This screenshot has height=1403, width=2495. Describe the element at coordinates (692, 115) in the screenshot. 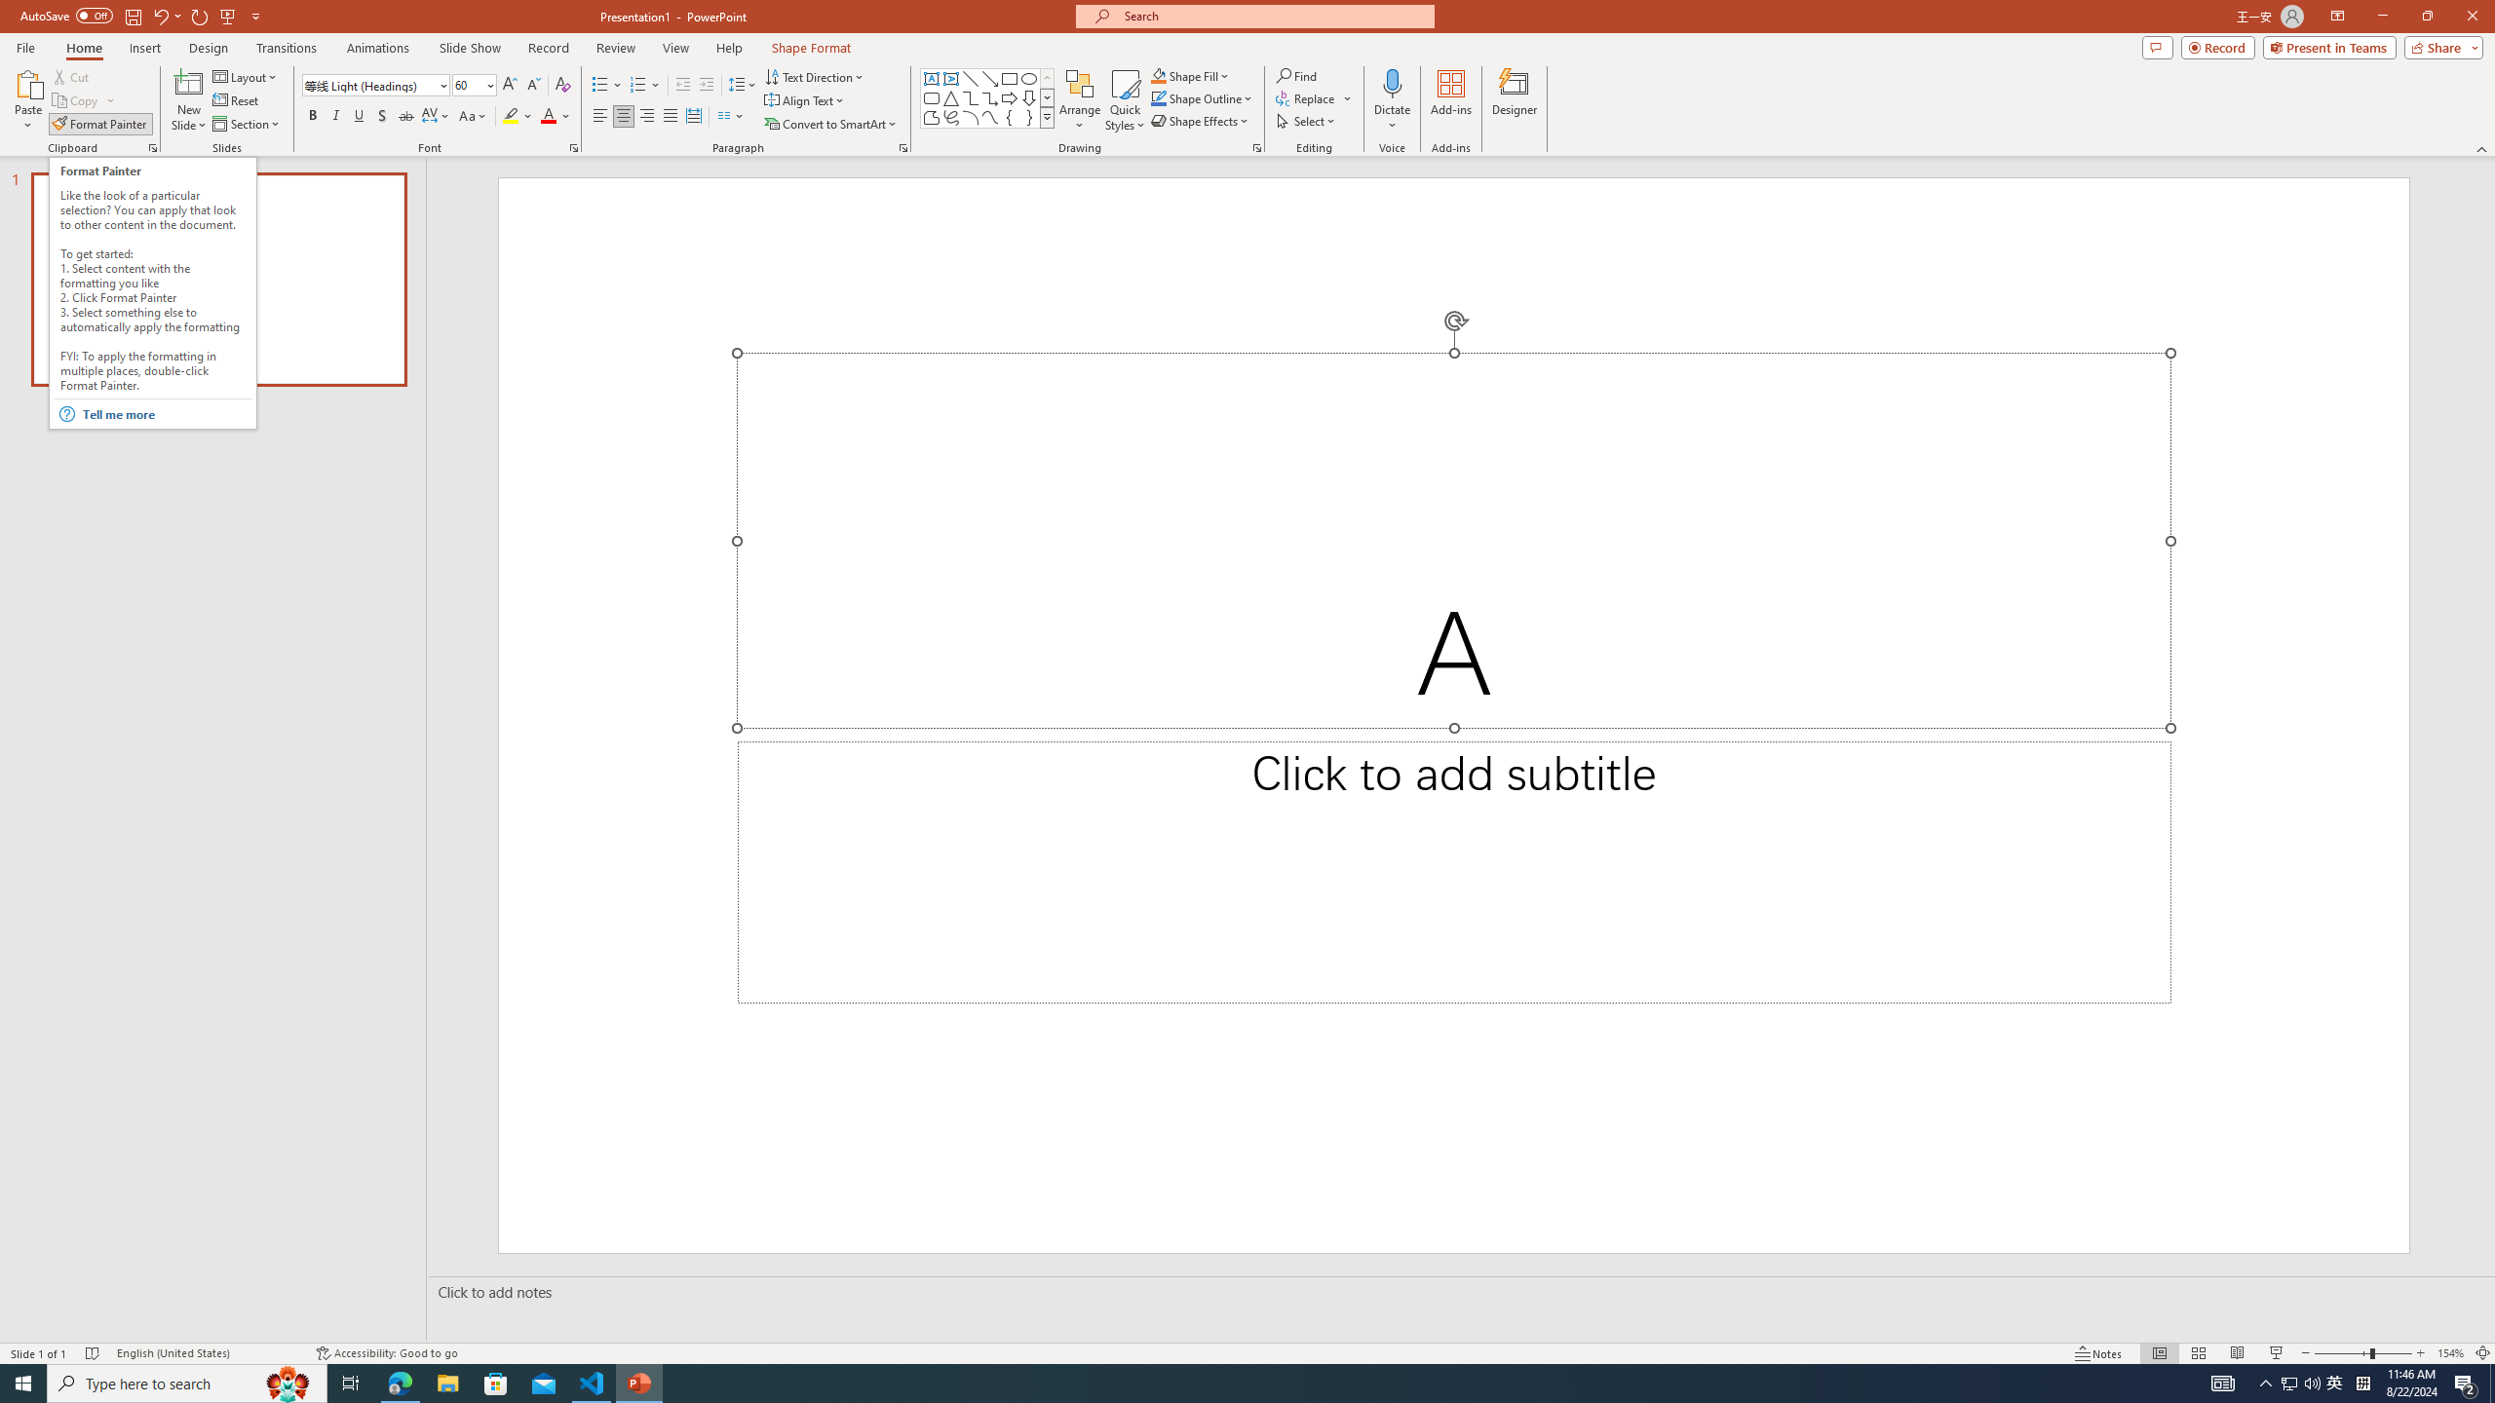

I see `'Distributed'` at that location.